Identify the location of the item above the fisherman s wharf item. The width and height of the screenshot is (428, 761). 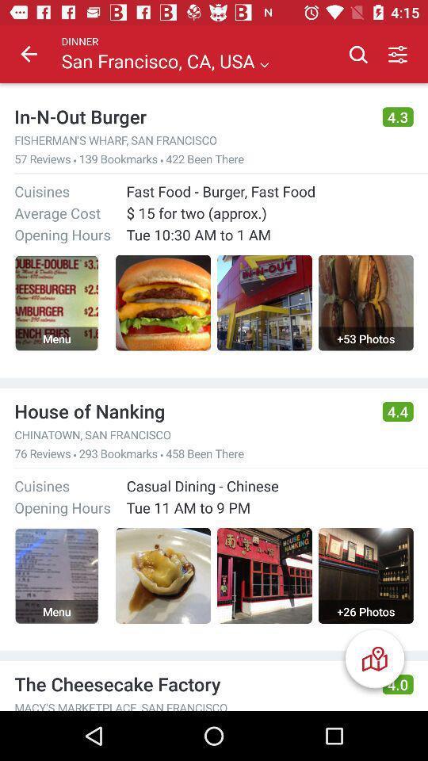
(191, 116).